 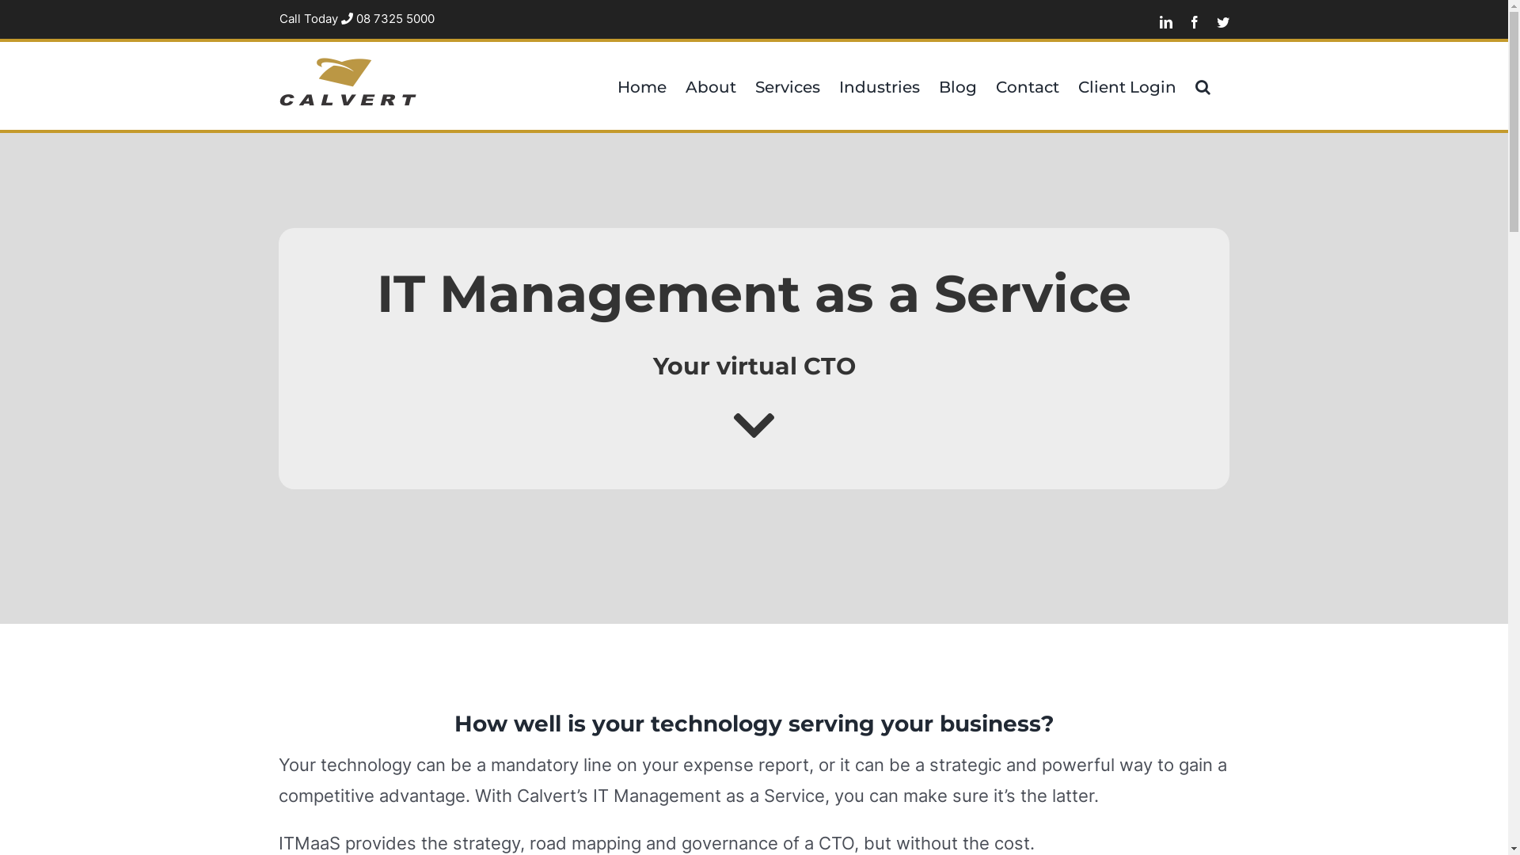 What do you see at coordinates (878, 85) in the screenshot?
I see `'Industries'` at bounding box center [878, 85].